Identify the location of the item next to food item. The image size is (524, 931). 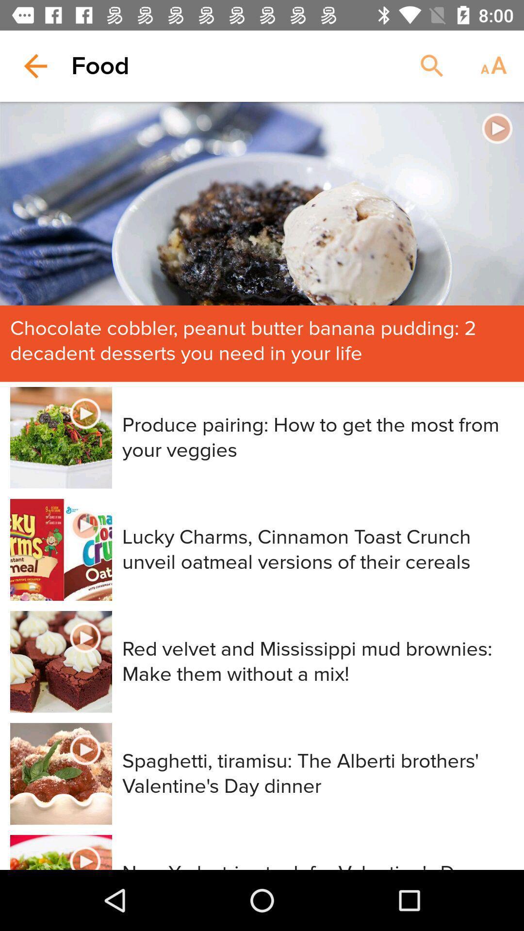
(432, 65).